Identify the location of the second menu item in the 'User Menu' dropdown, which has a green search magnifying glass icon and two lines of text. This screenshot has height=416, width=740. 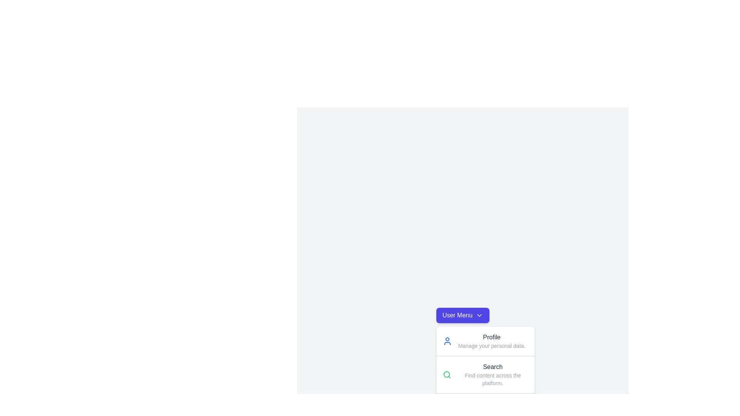
(485, 374).